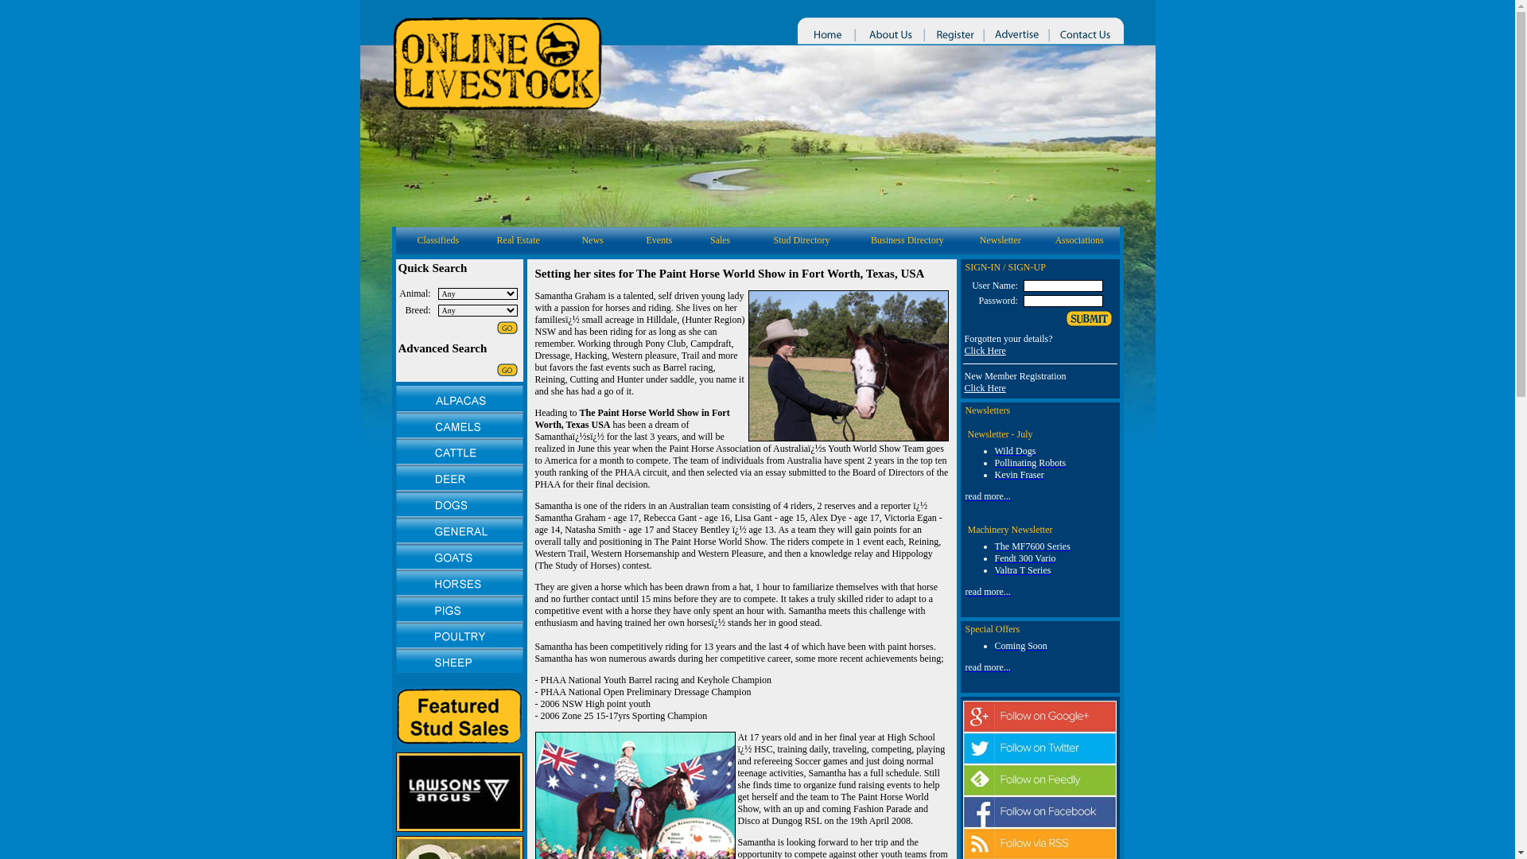 Image resolution: width=1527 pixels, height=859 pixels. I want to click on 'Classifieds', so click(437, 239).